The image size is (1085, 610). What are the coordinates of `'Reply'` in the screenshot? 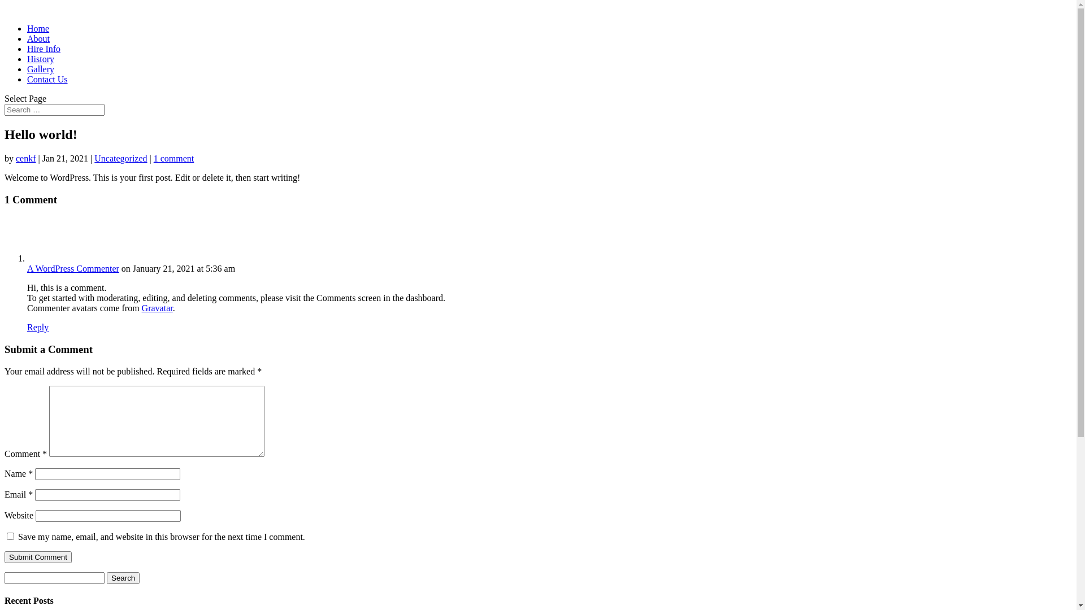 It's located at (38, 327).